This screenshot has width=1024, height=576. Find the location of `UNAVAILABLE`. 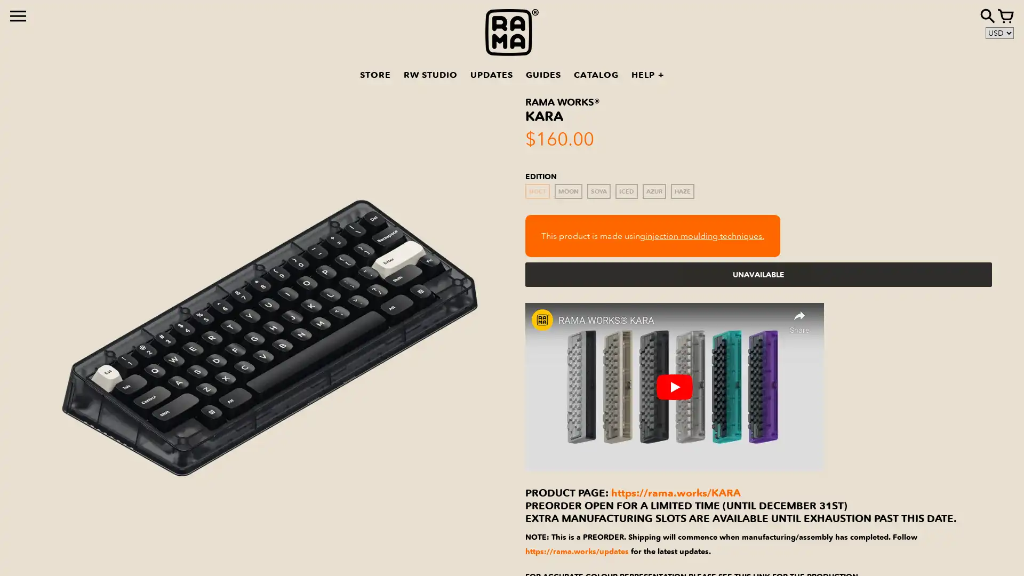

UNAVAILABLE is located at coordinates (758, 274).